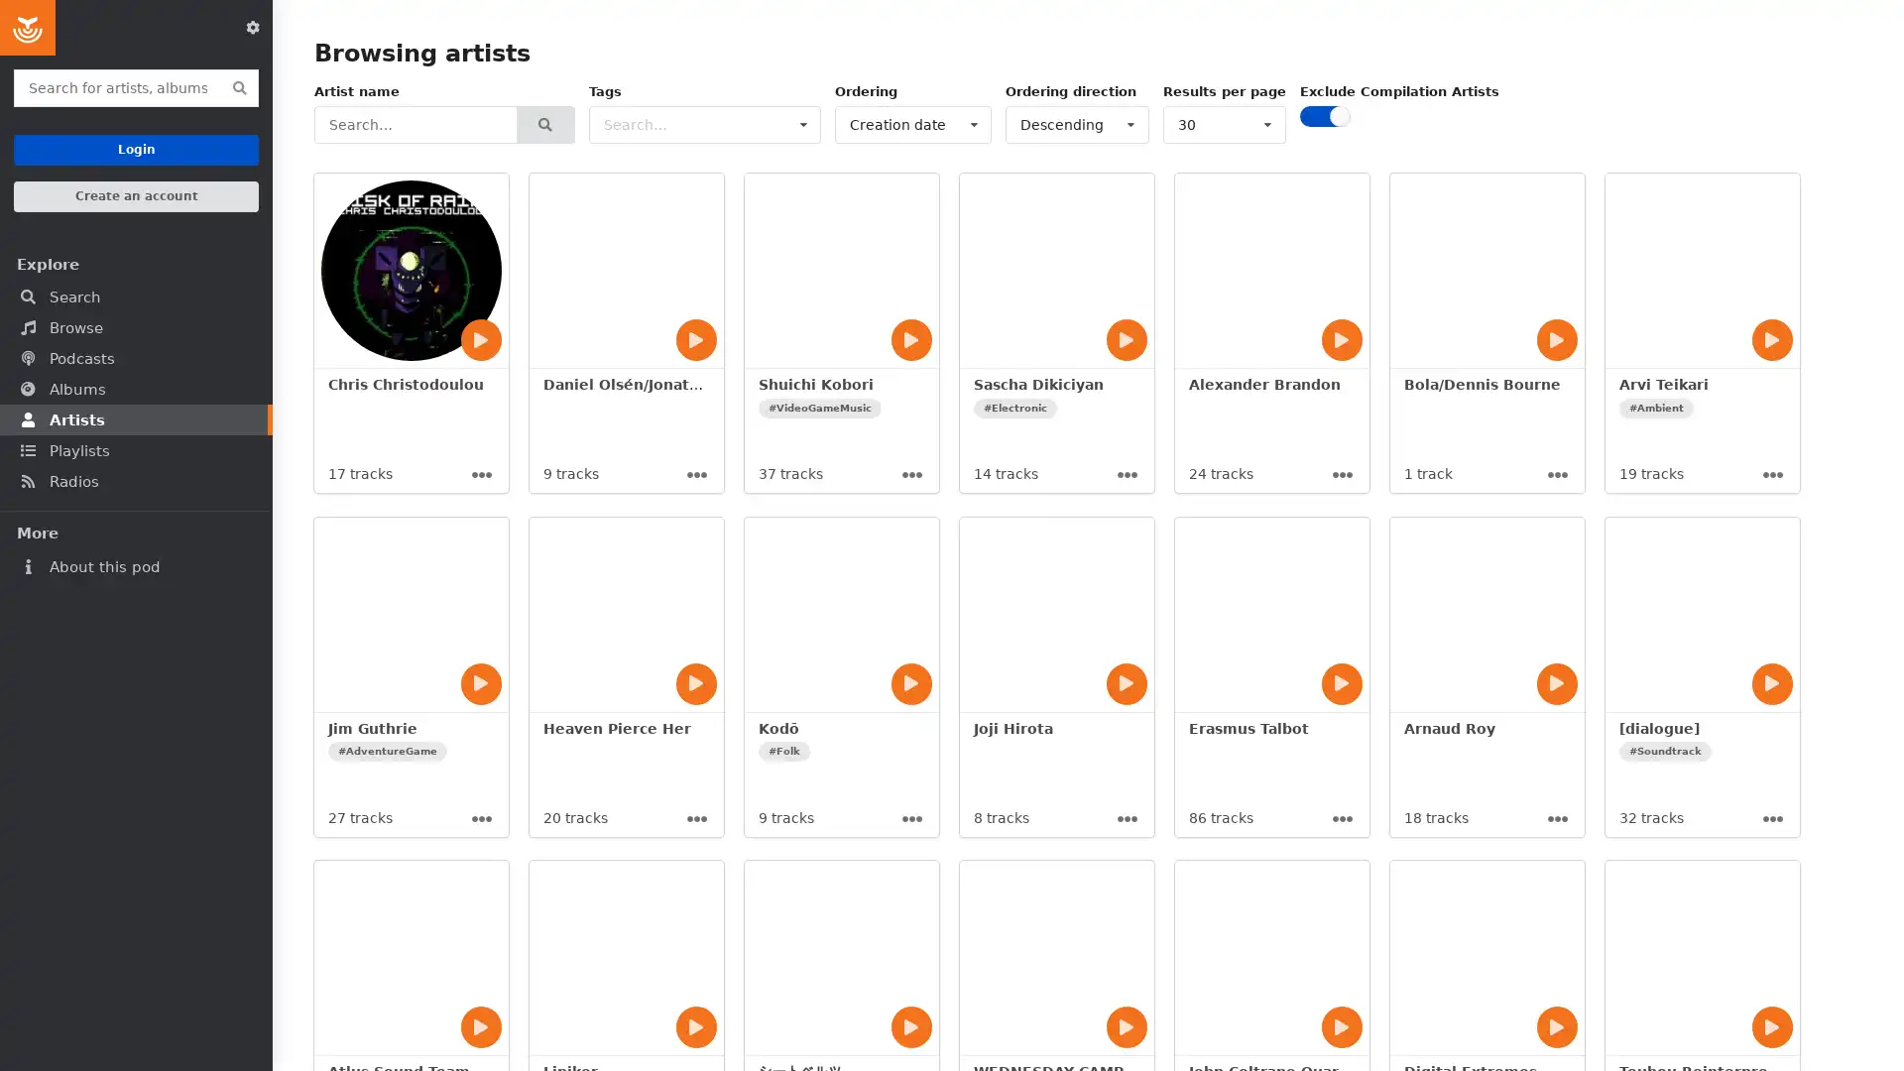 The width and height of the screenshot is (1904, 1071). Describe the element at coordinates (1771, 1026) in the screenshot. I see `Play artist` at that location.